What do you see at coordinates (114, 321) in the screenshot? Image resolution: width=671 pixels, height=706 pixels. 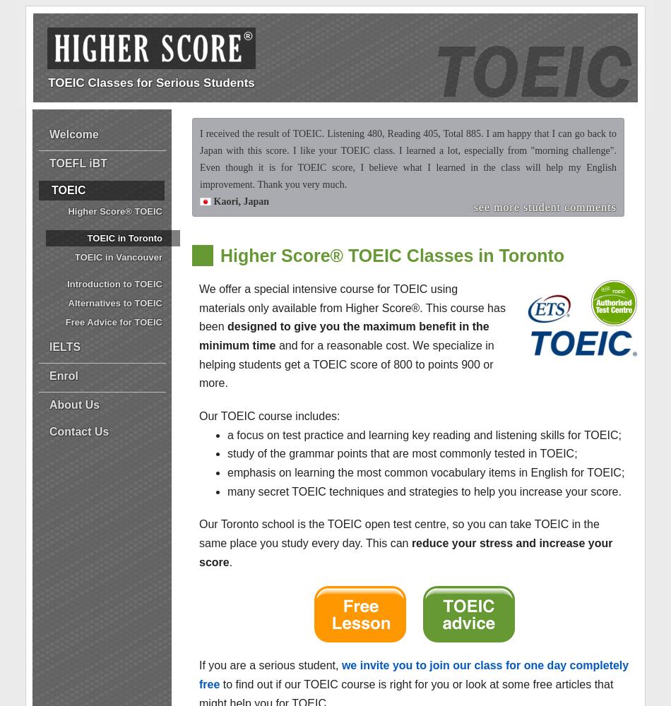 I see `'Free Advice for TOEIC'` at bounding box center [114, 321].